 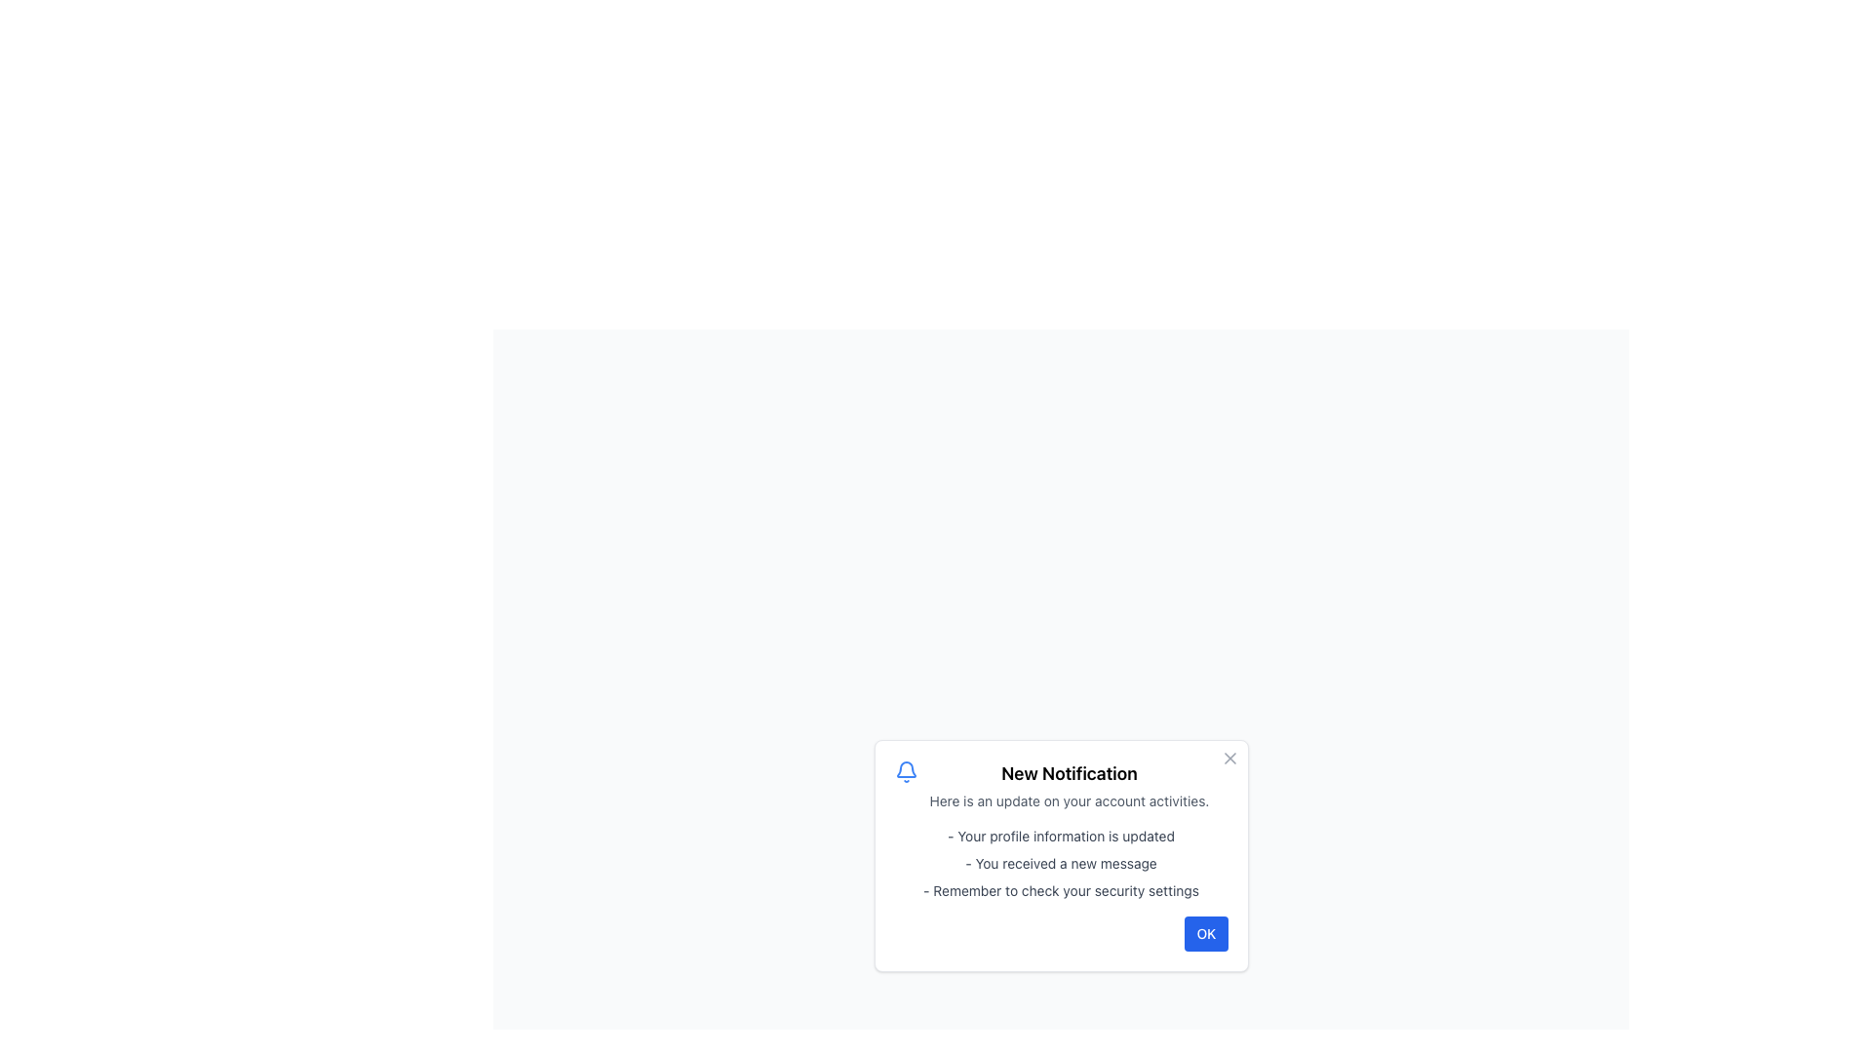 I want to click on the notification icon positioned to the left of the 'New Notification' text within the notification card, which visually indicates the notification nature of the card, so click(x=905, y=770).